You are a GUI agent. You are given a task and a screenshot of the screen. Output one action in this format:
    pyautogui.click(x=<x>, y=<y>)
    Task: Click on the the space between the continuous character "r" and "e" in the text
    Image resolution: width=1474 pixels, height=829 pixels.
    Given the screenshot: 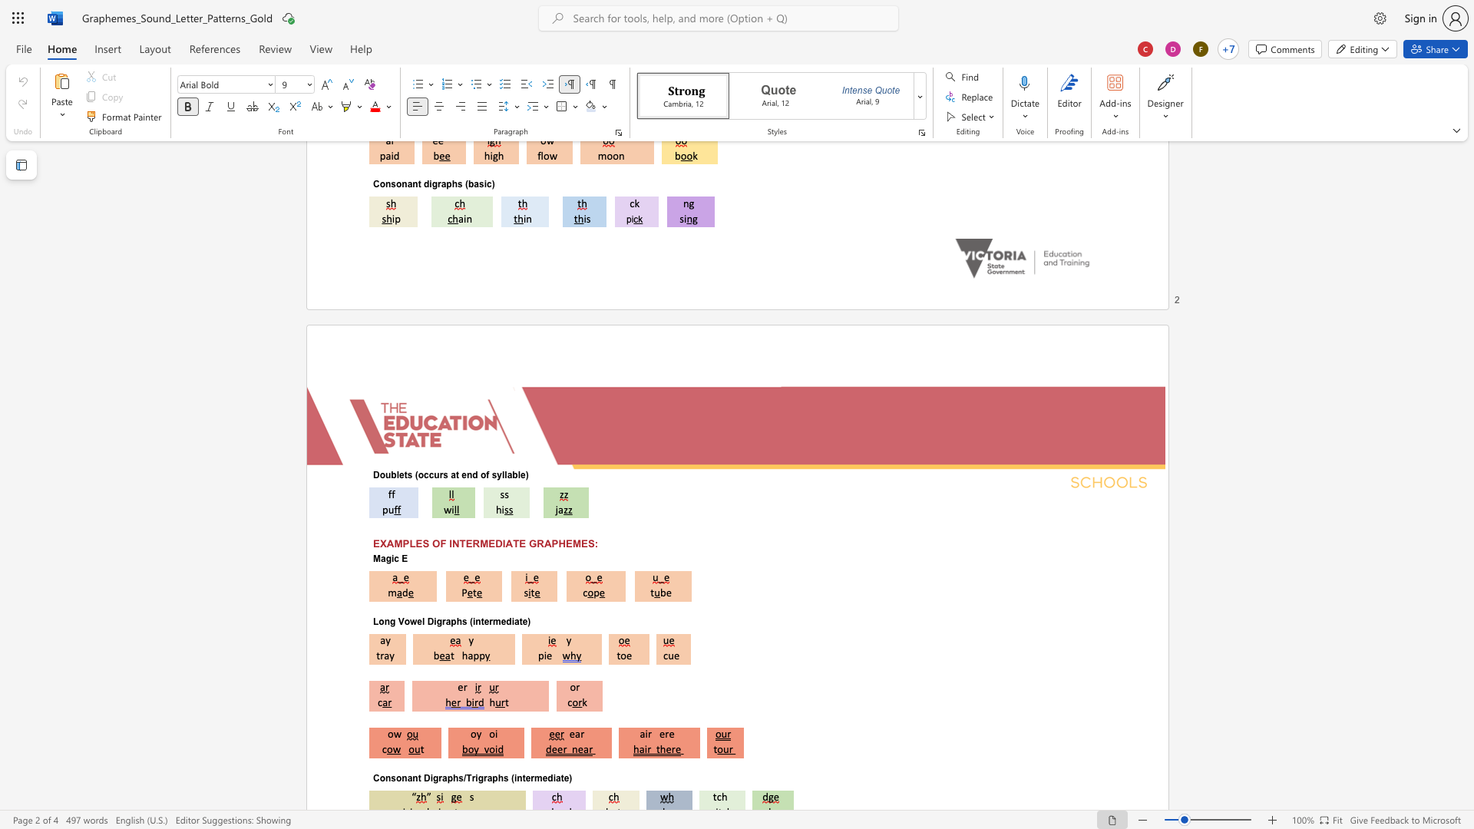 What is the action you would take?
    pyautogui.click(x=669, y=733)
    